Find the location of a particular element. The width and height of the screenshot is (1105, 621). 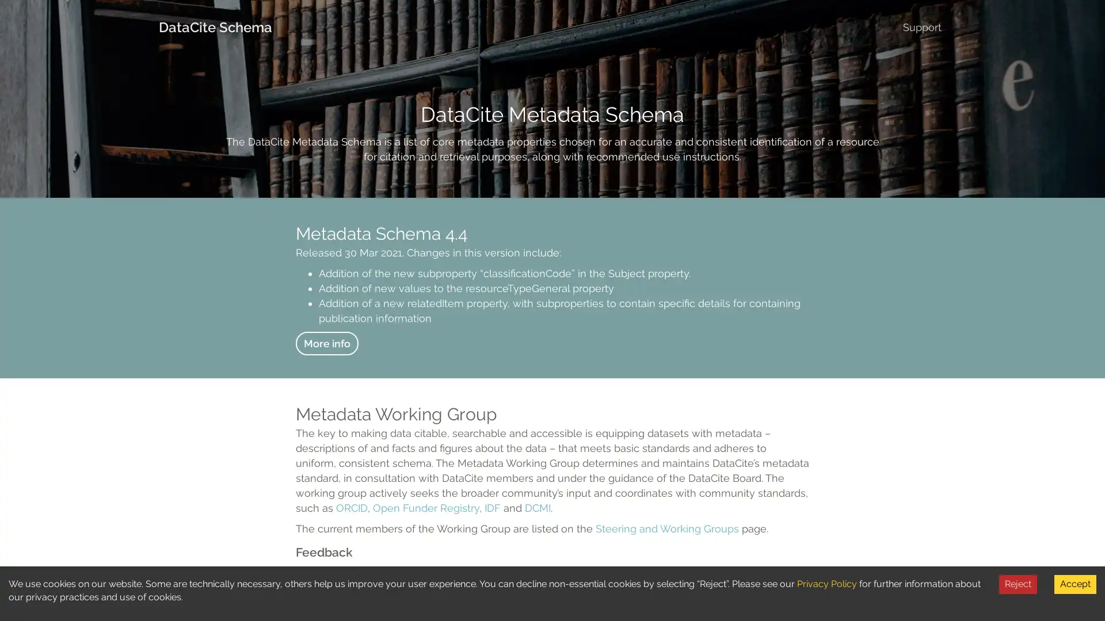

Decline cookies is located at coordinates (1018, 584).